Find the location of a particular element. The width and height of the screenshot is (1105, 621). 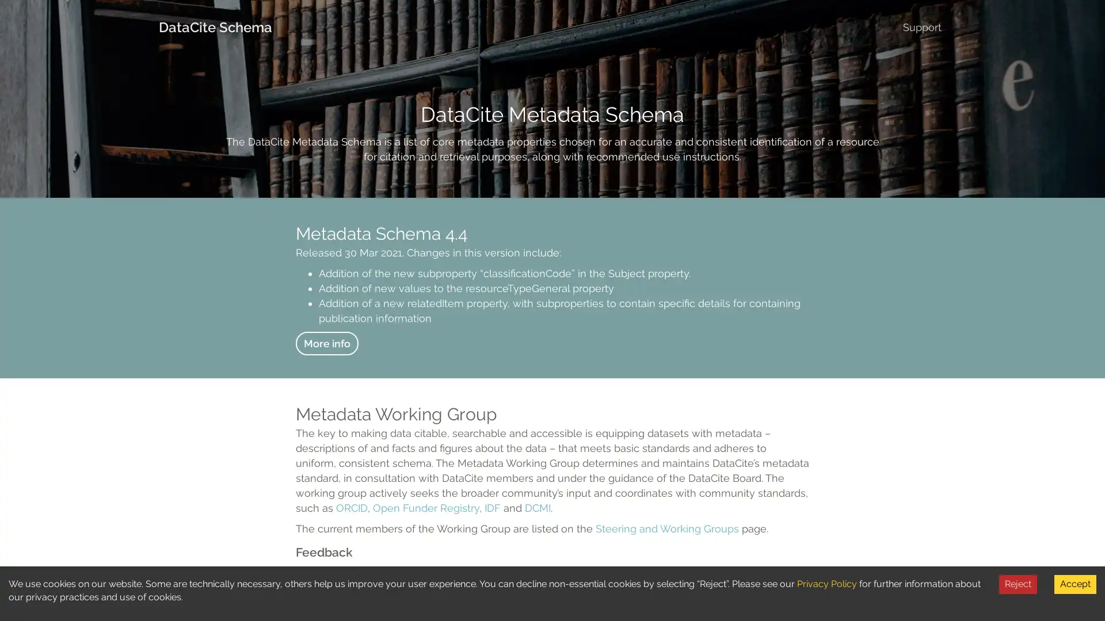

Decline cookies is located at coordinates (1018, 584).